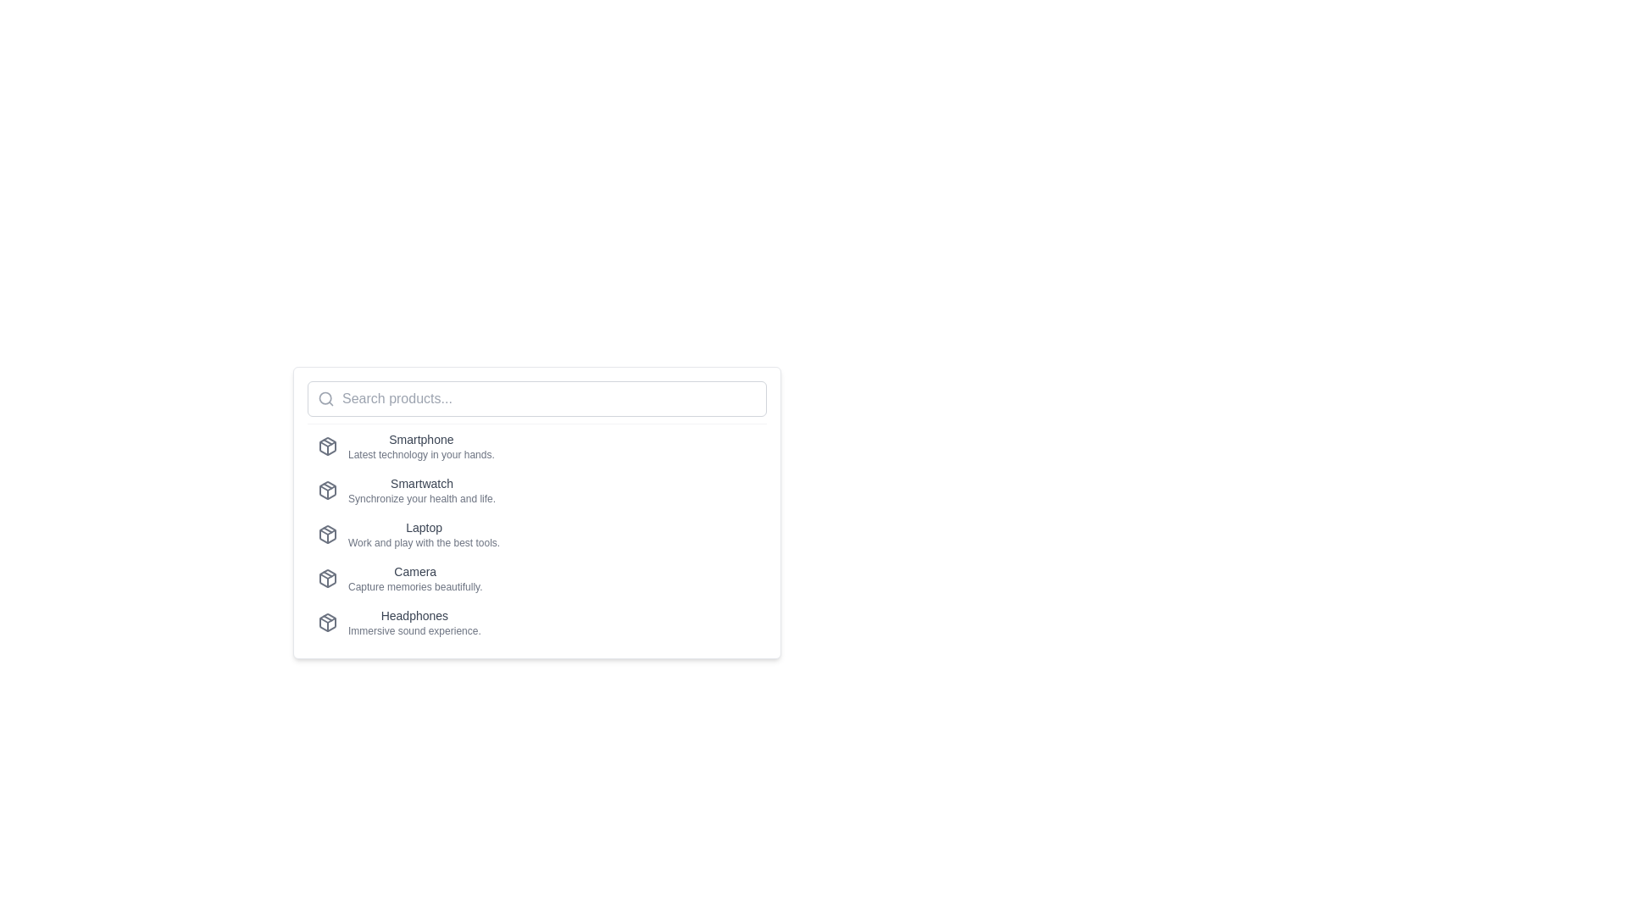 This screenshot has height=915, width=1627. What do you see at coordinates (328, 535) in the screenshot?
I see `on the 'package' or 'box' icon representing the 'Laptop' entry in the vertical list` at bounding box center [328, 535].